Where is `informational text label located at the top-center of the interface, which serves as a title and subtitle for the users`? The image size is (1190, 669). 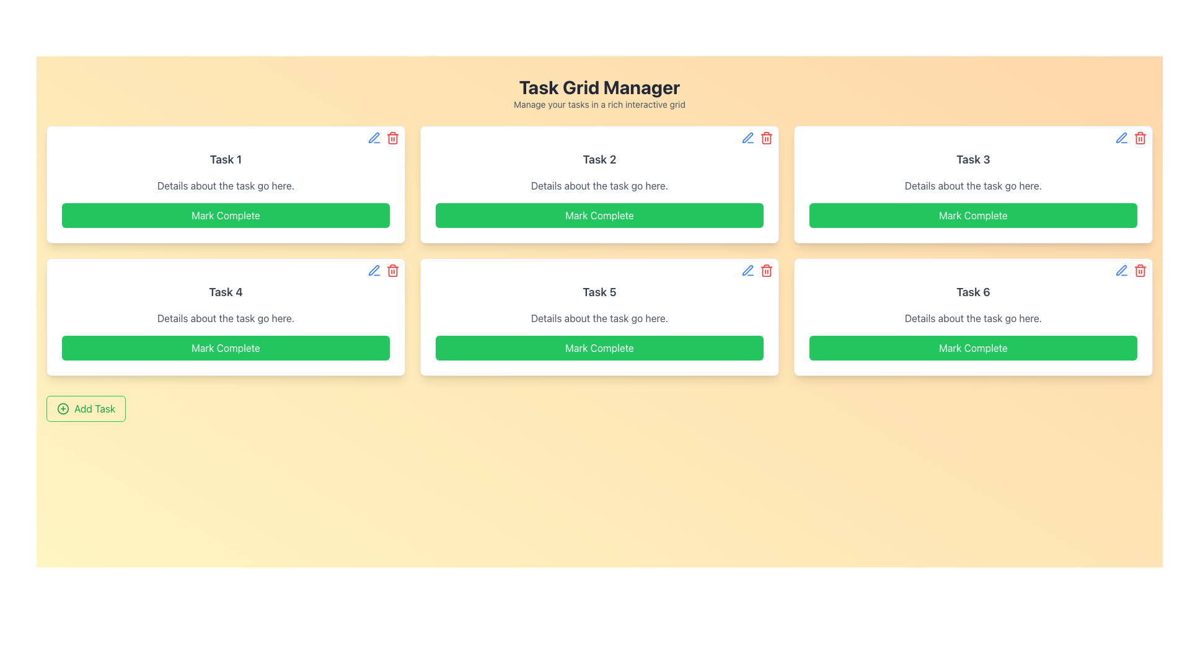 informational text label located at the top-center of the interface, which serves as a title and subtitle for the users is located at coordinates (599, 92).